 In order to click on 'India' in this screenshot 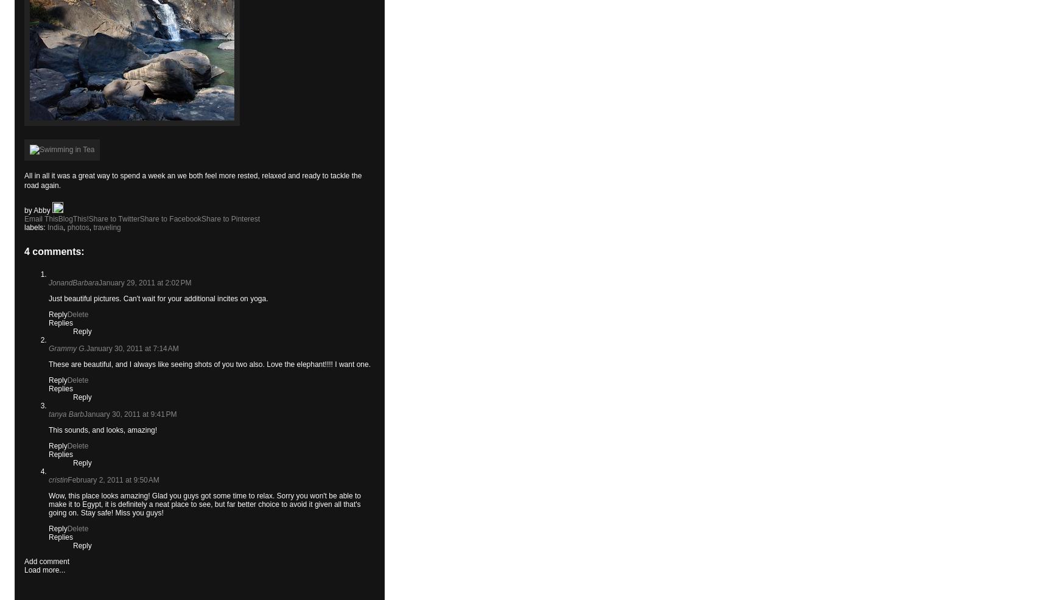, I will do `click(55, 226)`.